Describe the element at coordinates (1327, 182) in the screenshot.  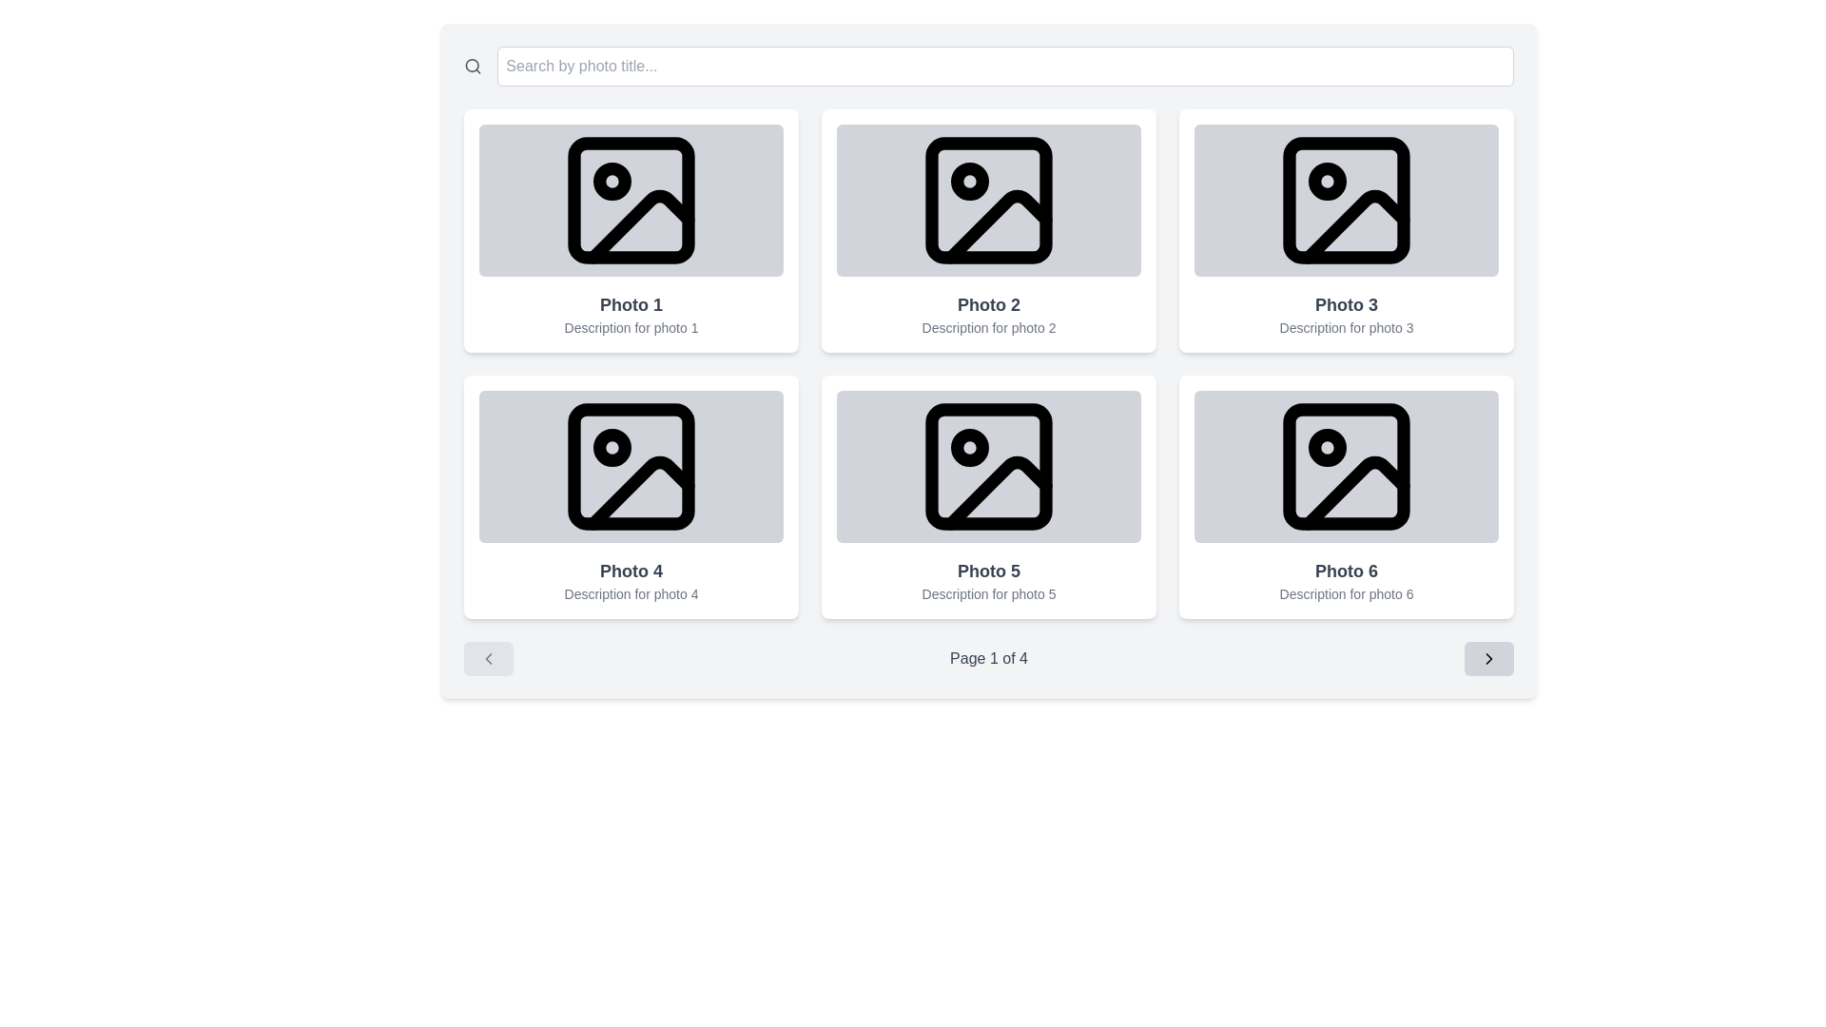
I see `the graphic decorative element within the 'Photo 3' card's photo icon, located near the upper-left portion` at that location.